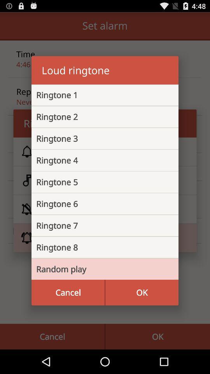 Image resolution: width=210 pixels, height=374 pixels. What do you see at coordinates (99, 182) in the screenshot?
I see `the icon below the ringtone 4 item` at bounding box center [99, 182].